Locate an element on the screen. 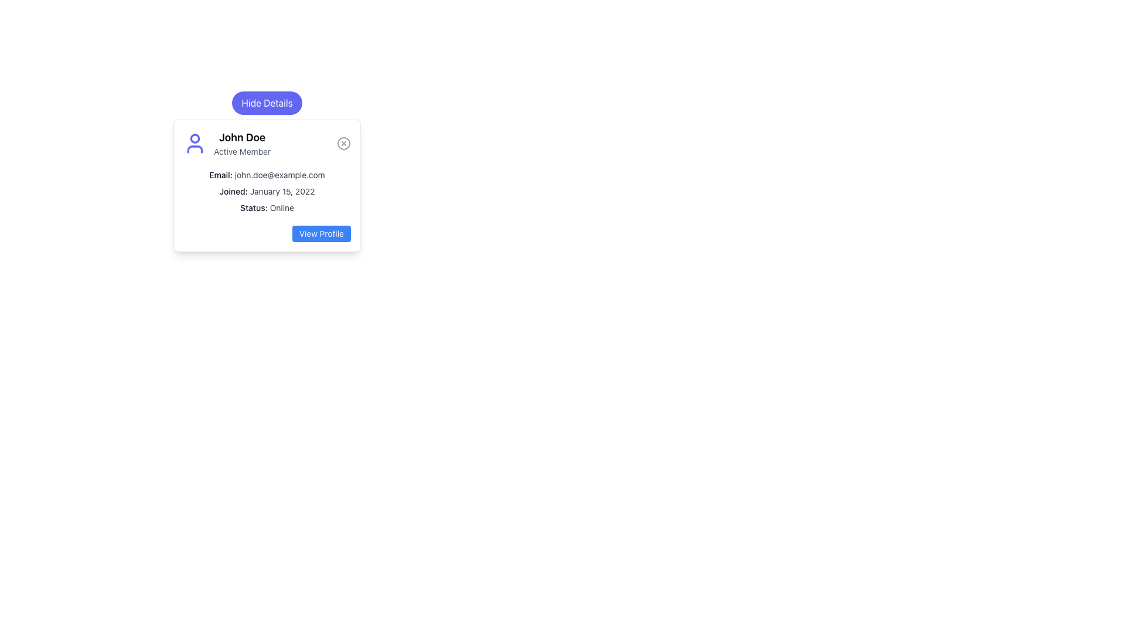  the text label that displays 'Active Member', which is styled in gray and located below the name 'John Doe' within the profile card is located at coordinates (241, 151).